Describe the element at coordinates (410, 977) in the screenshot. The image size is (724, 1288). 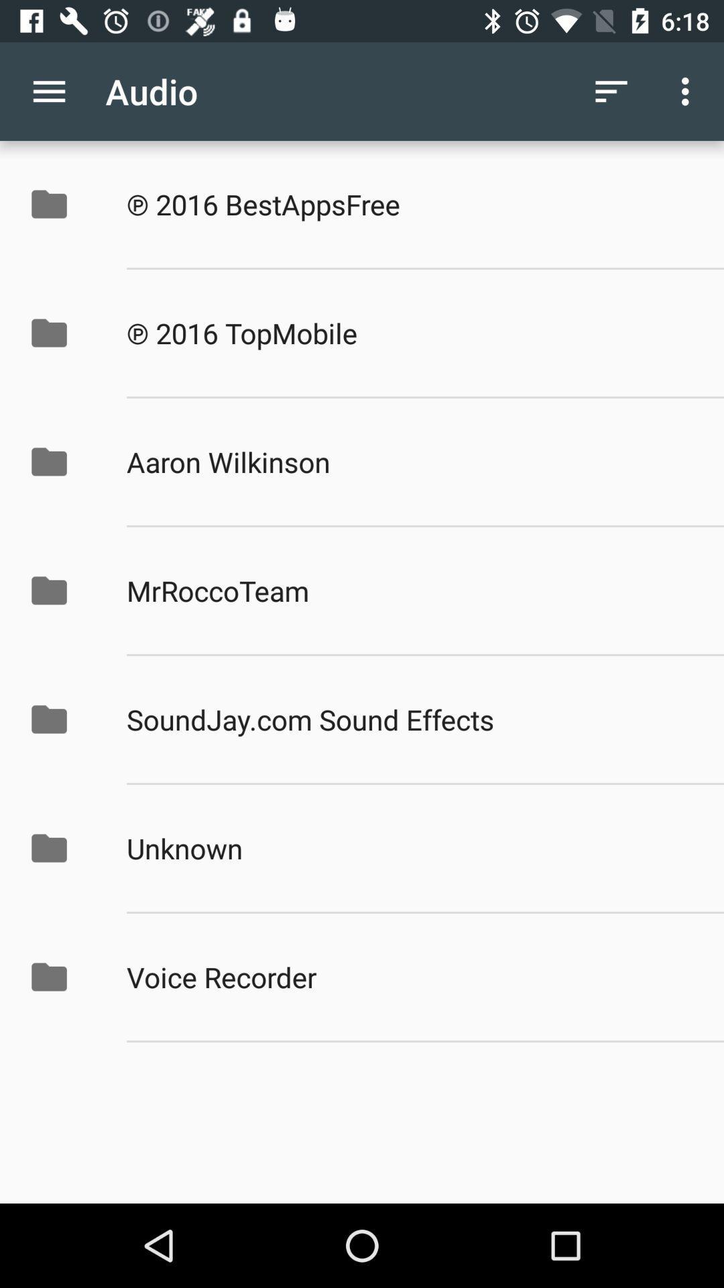
I see `the voice recorder icon` at that location.